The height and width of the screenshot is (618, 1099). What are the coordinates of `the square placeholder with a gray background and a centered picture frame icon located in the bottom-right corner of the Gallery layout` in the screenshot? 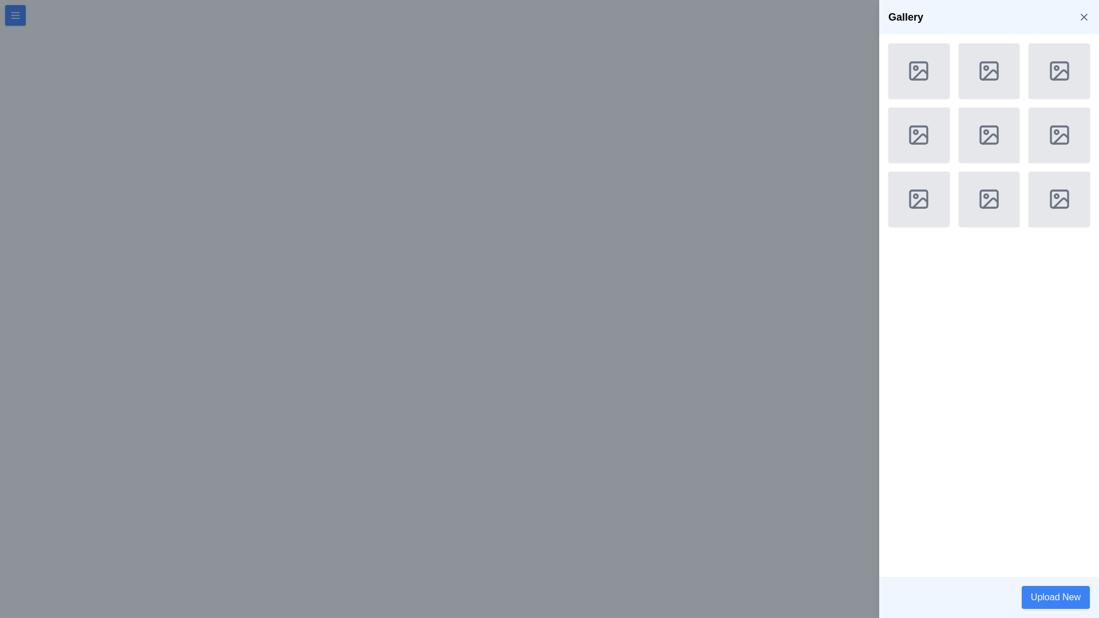 It's located at (1058, 198).